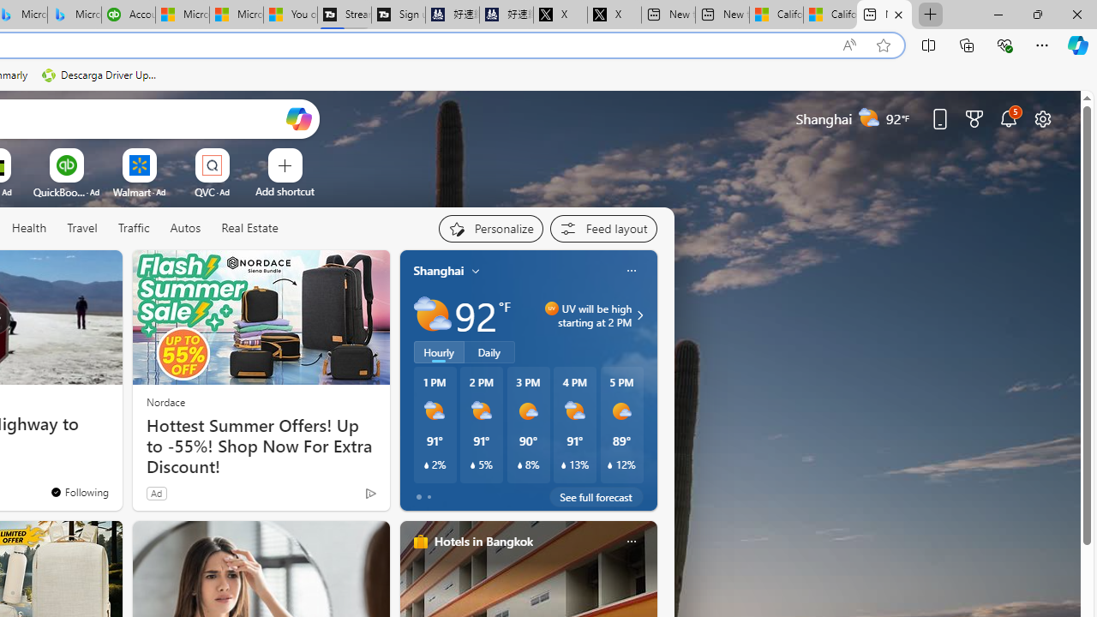  I want to click on 'You', so click(78, 491).